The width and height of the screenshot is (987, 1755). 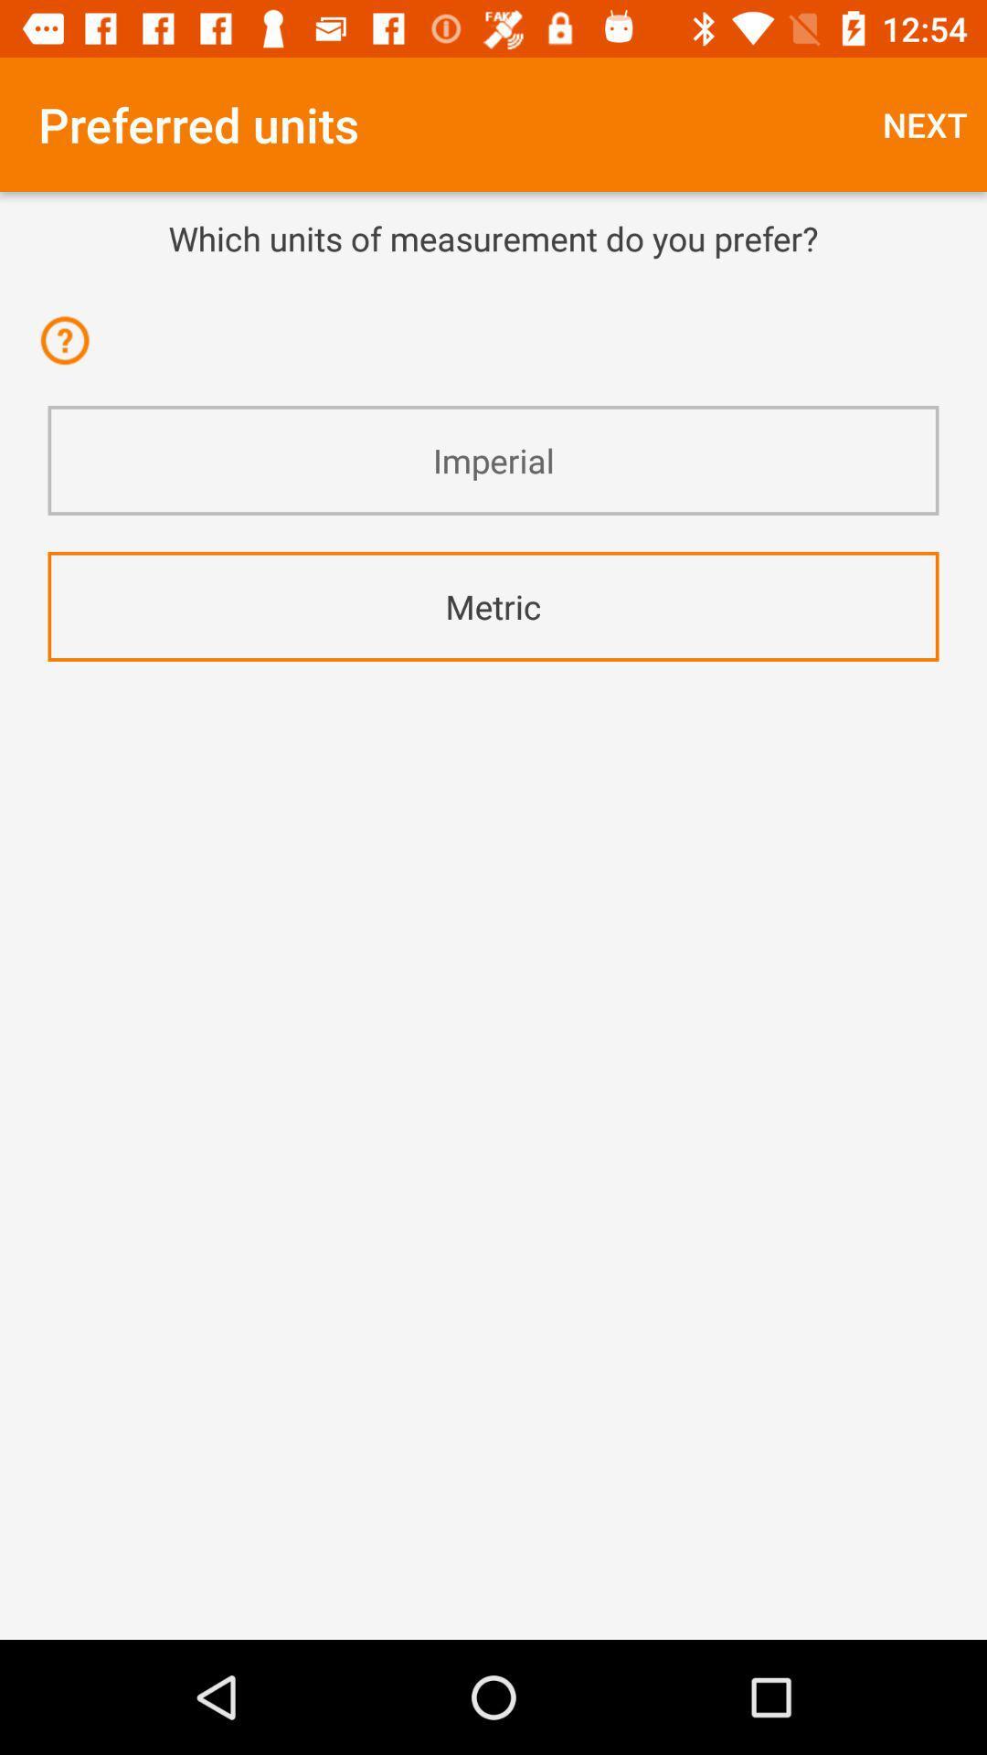 What do you see at coordinates (493, 606) in the screenshot?
I see `the metric app` at bounding box center [493, 606].